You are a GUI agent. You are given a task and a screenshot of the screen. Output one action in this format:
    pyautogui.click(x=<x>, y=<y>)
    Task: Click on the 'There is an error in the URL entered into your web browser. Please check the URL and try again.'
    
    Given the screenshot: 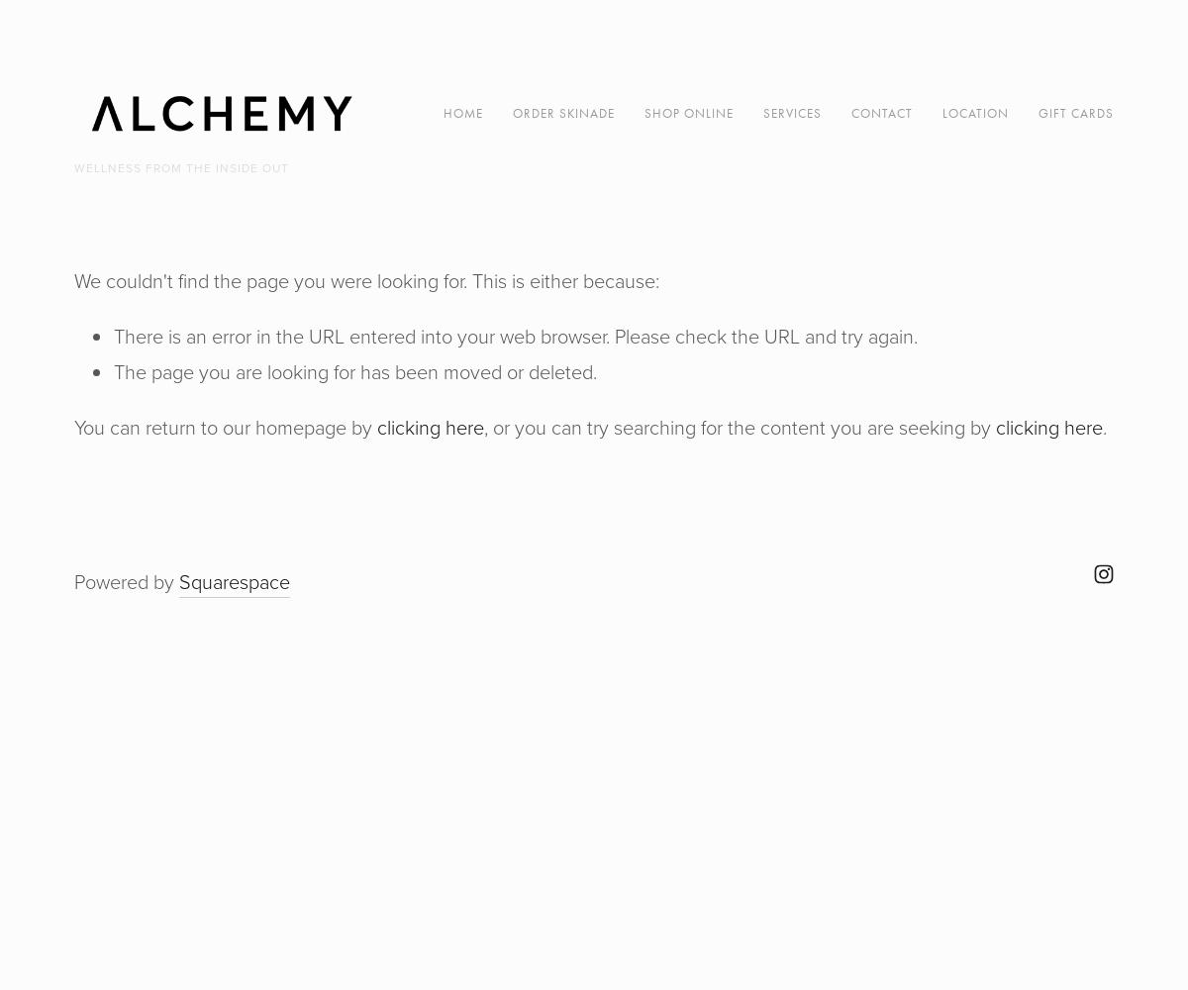 What is the action you would take?
    pyautogui.click(x=515, y=336)
    